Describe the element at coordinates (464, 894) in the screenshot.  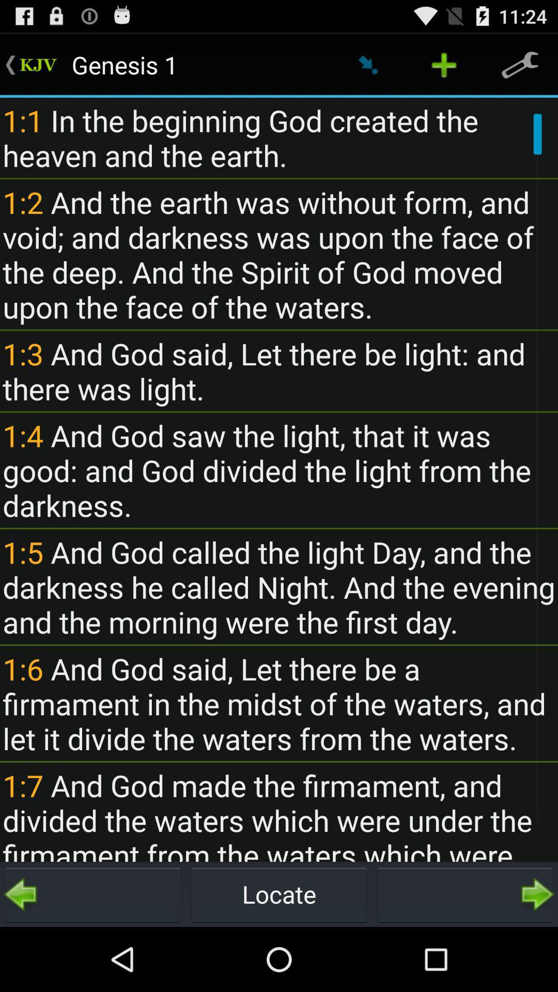
I see `the item next to the locate item` at that location.